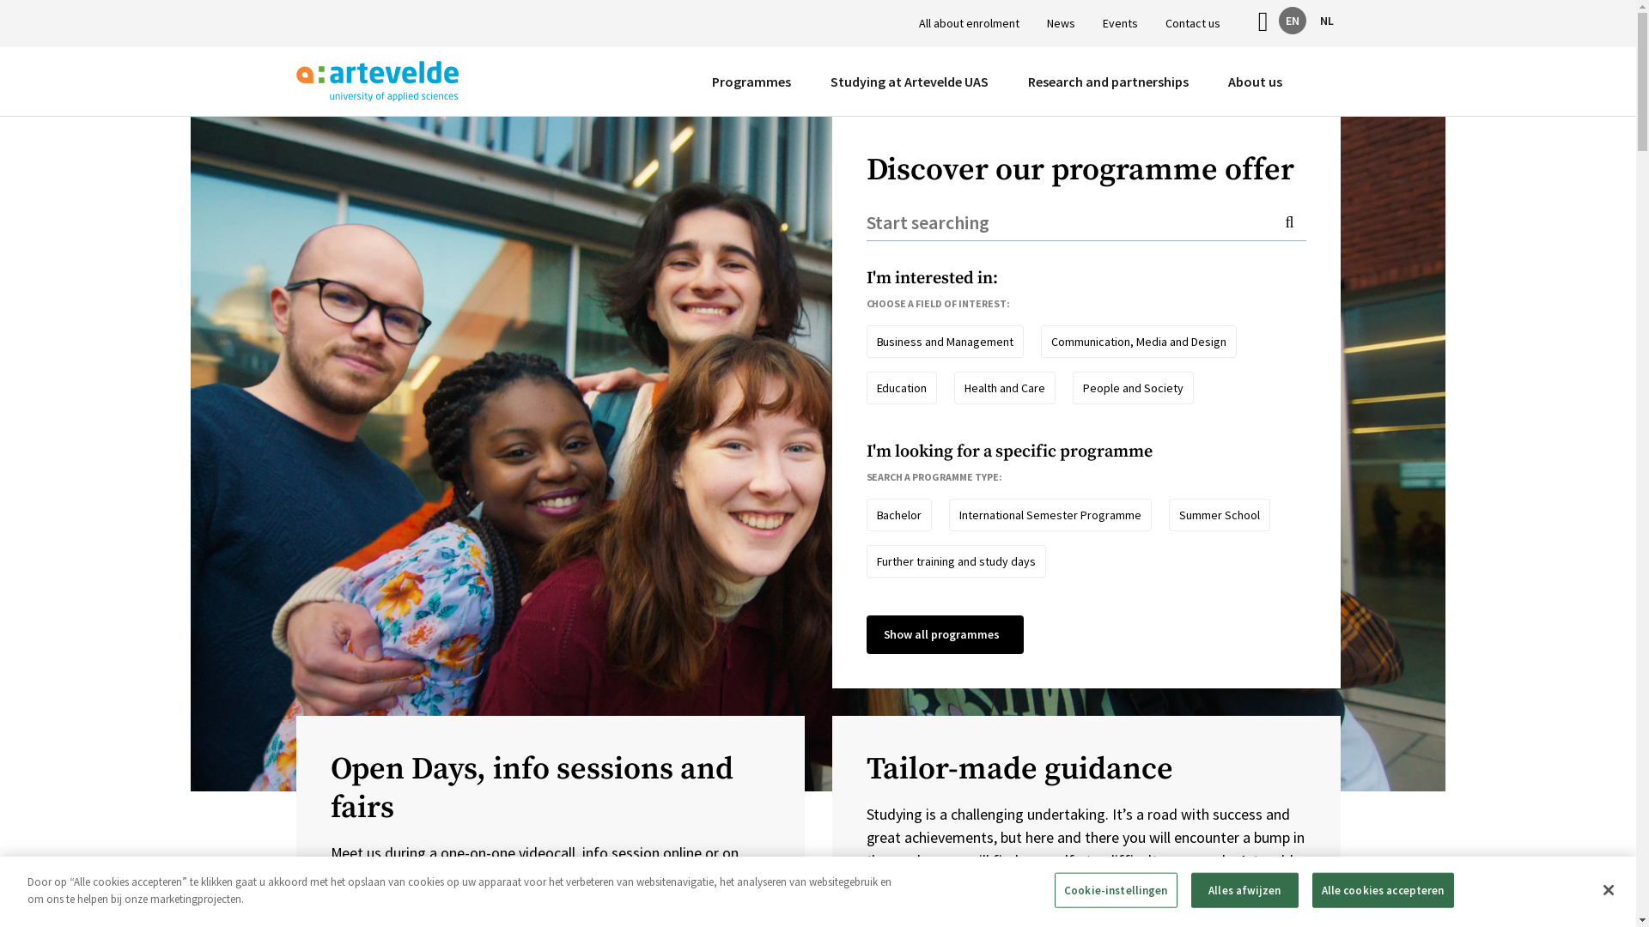 Image resolution: width=1649 pixels, height=927 pixels. Describe the element at coordinates (1116, 889) in the screenshot. I see `'Cookie-instellingen'` at that location.